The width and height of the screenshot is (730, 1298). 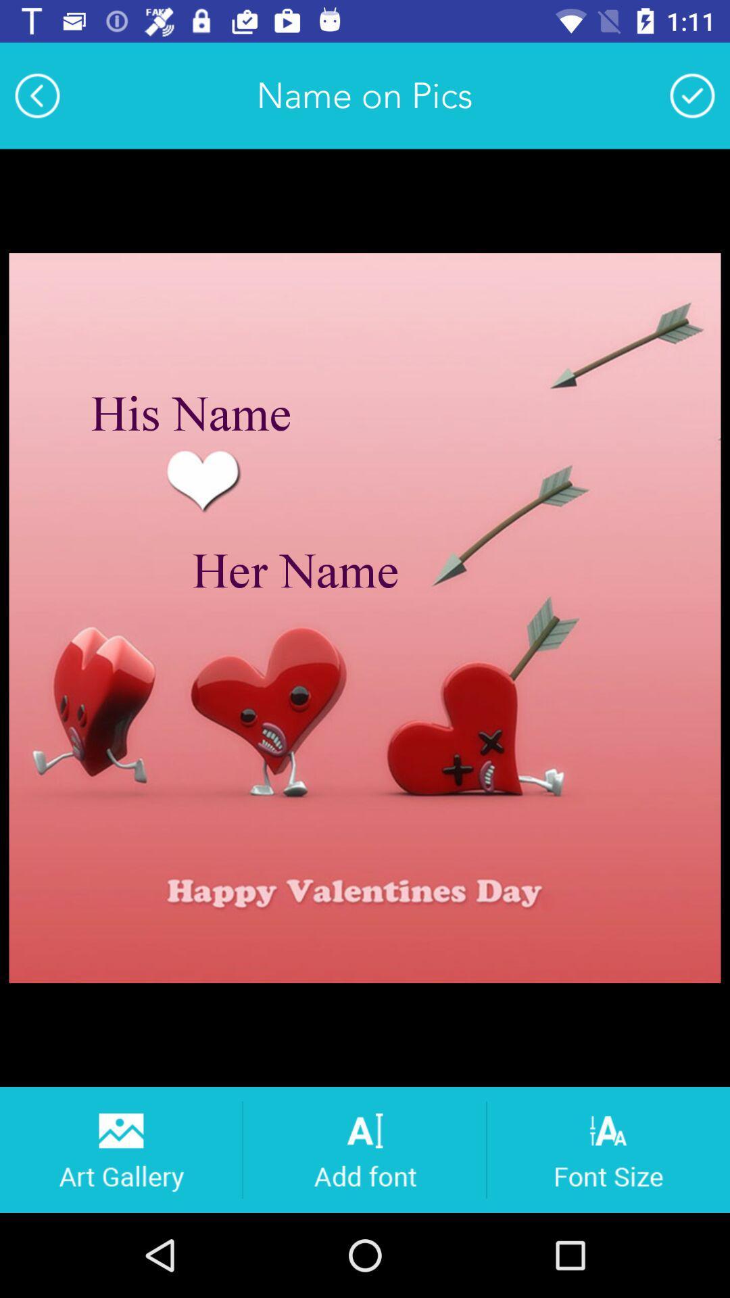 What do you see at coordinates (36, 95) in the screenshot?
I see `go back` at bounding box center [36, 95].